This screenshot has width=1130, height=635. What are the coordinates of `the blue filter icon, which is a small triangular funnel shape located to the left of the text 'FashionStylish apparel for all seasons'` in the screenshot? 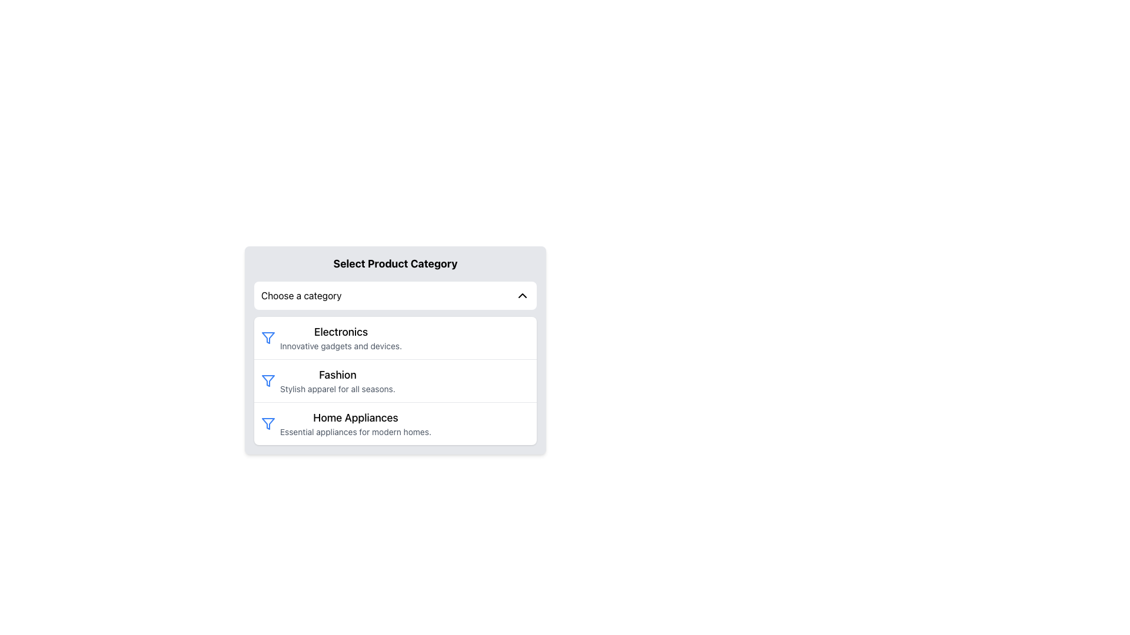 It's located at (268, 381).